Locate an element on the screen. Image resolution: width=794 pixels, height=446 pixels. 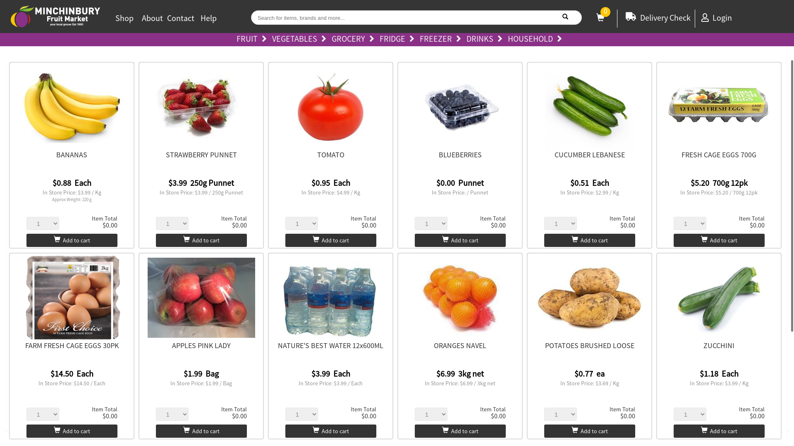
'Show details for FARM FRESH CAGE EGGS 30PK' is located at coordinates (72, 298).